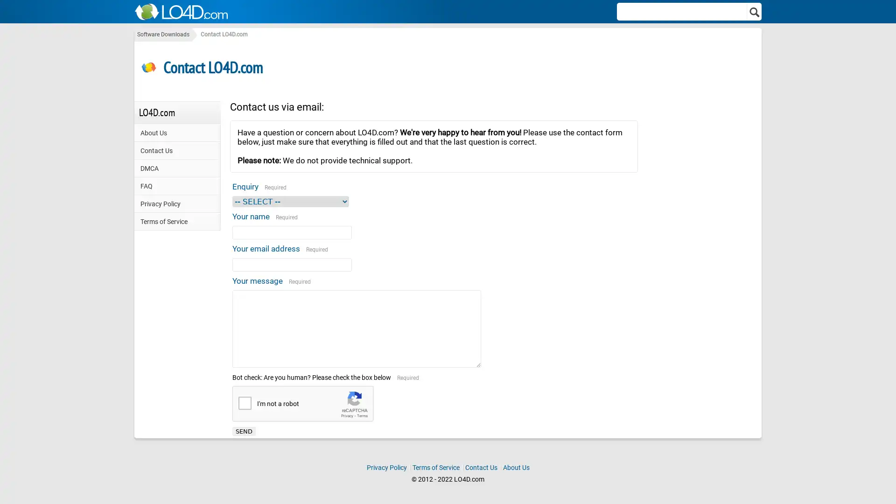 This screenshot has width=896, height=504. Describe the element at coordinates (755, 11) in the screenshot. I see `Search` at that location.